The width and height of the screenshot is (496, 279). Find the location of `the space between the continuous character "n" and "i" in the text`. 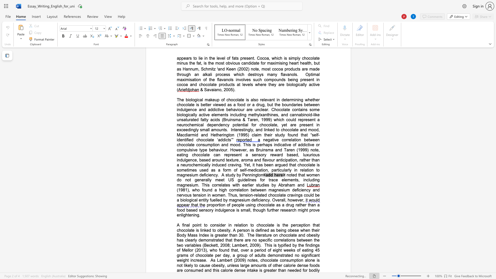

the space between the continuous character "n" and "i" in the text is located at coordinates (251, 175).